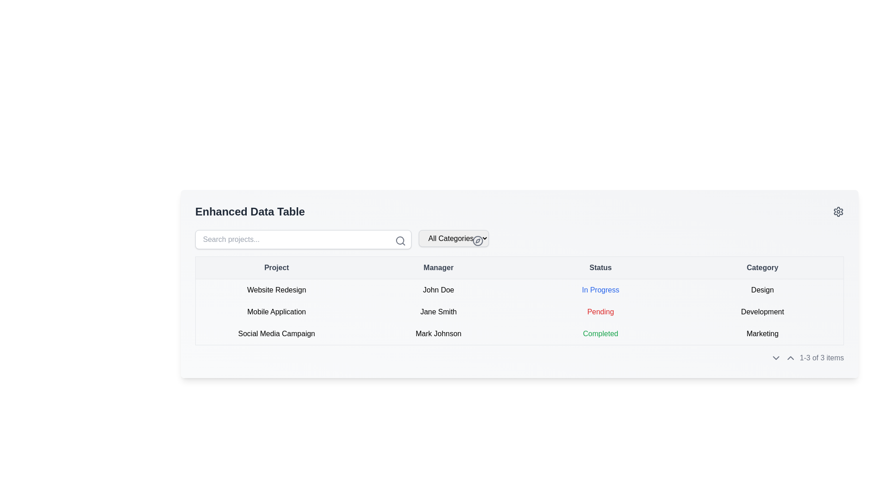 Image resolution: width=874 pixels, height=492 pixels. I want to click on the status text indicating the current progress of the 'Website Redesign' project managed by 'John Doe' in the first row of the table, so click(600, 290).